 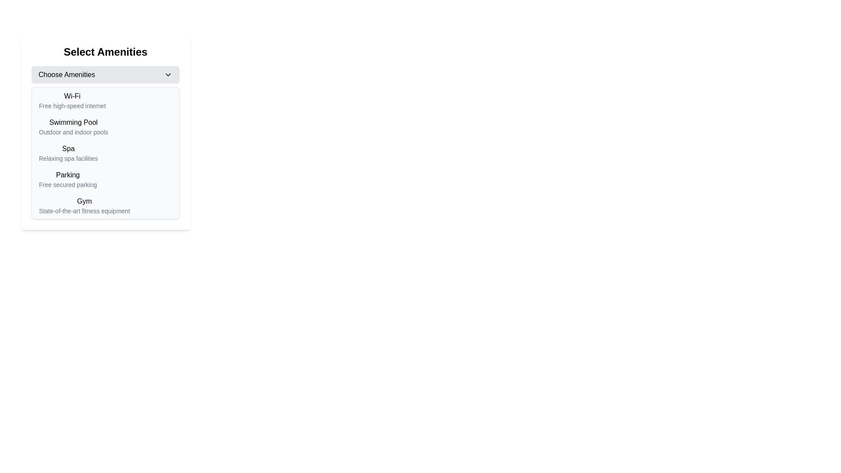 What do you see at coordinates (67, 184) in the screenshot?
I see `text label displaying 'Free secured parking' located underneath the 'Parking' title in the 'Select Amenities' section` at bounding box center [67, 184].